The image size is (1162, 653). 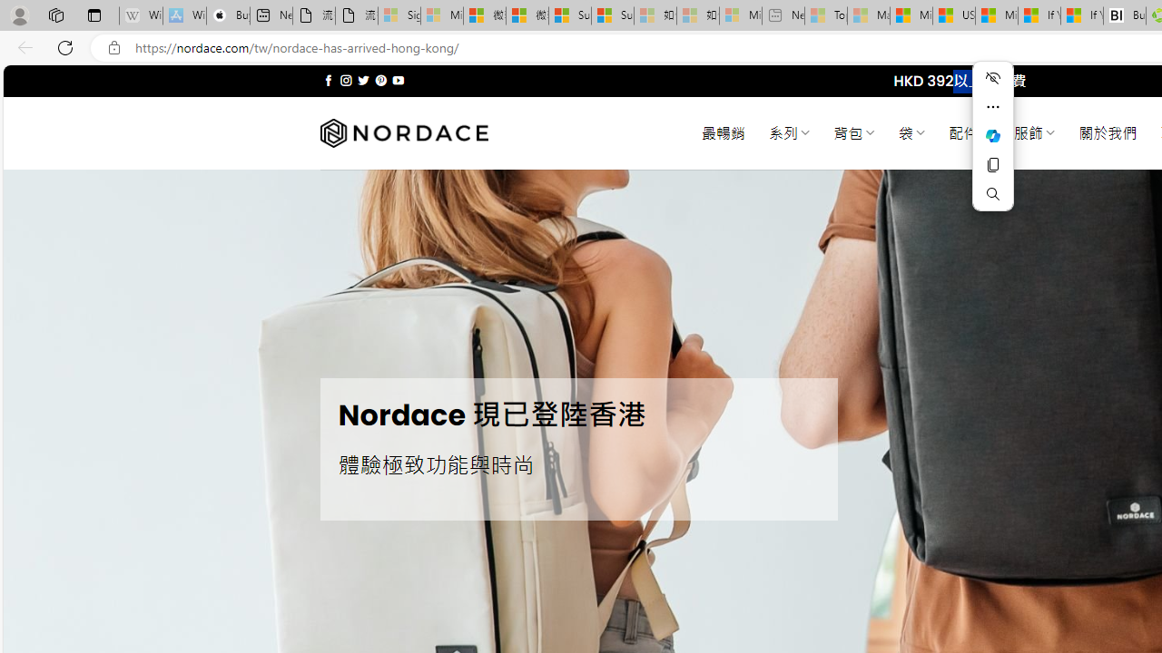 I want to click on 'Ask Copilot', so click(x=992, y=135).